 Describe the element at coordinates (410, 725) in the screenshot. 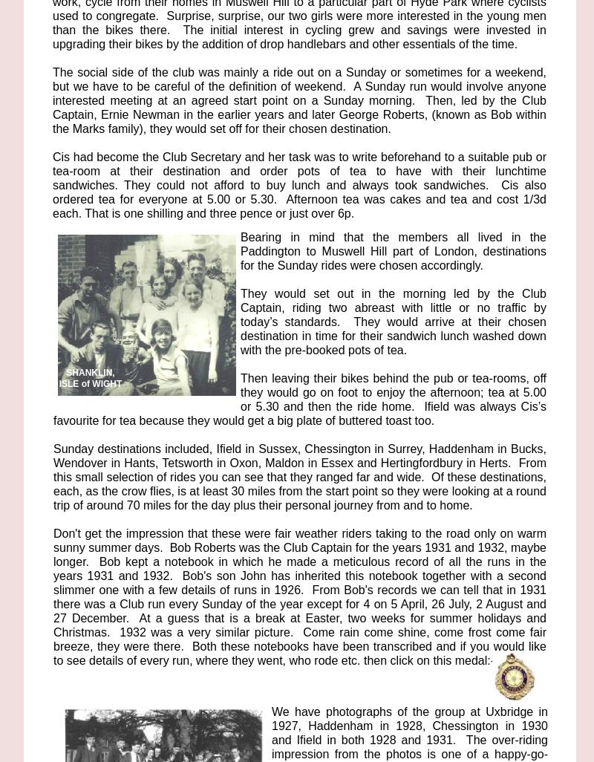

I see `'We have photographs of the group at Uxbridge in 1927, Haddenham in 1928, Chessington in 1930 and Ifield in both 1928 and 1931.  The over-'` at that location.